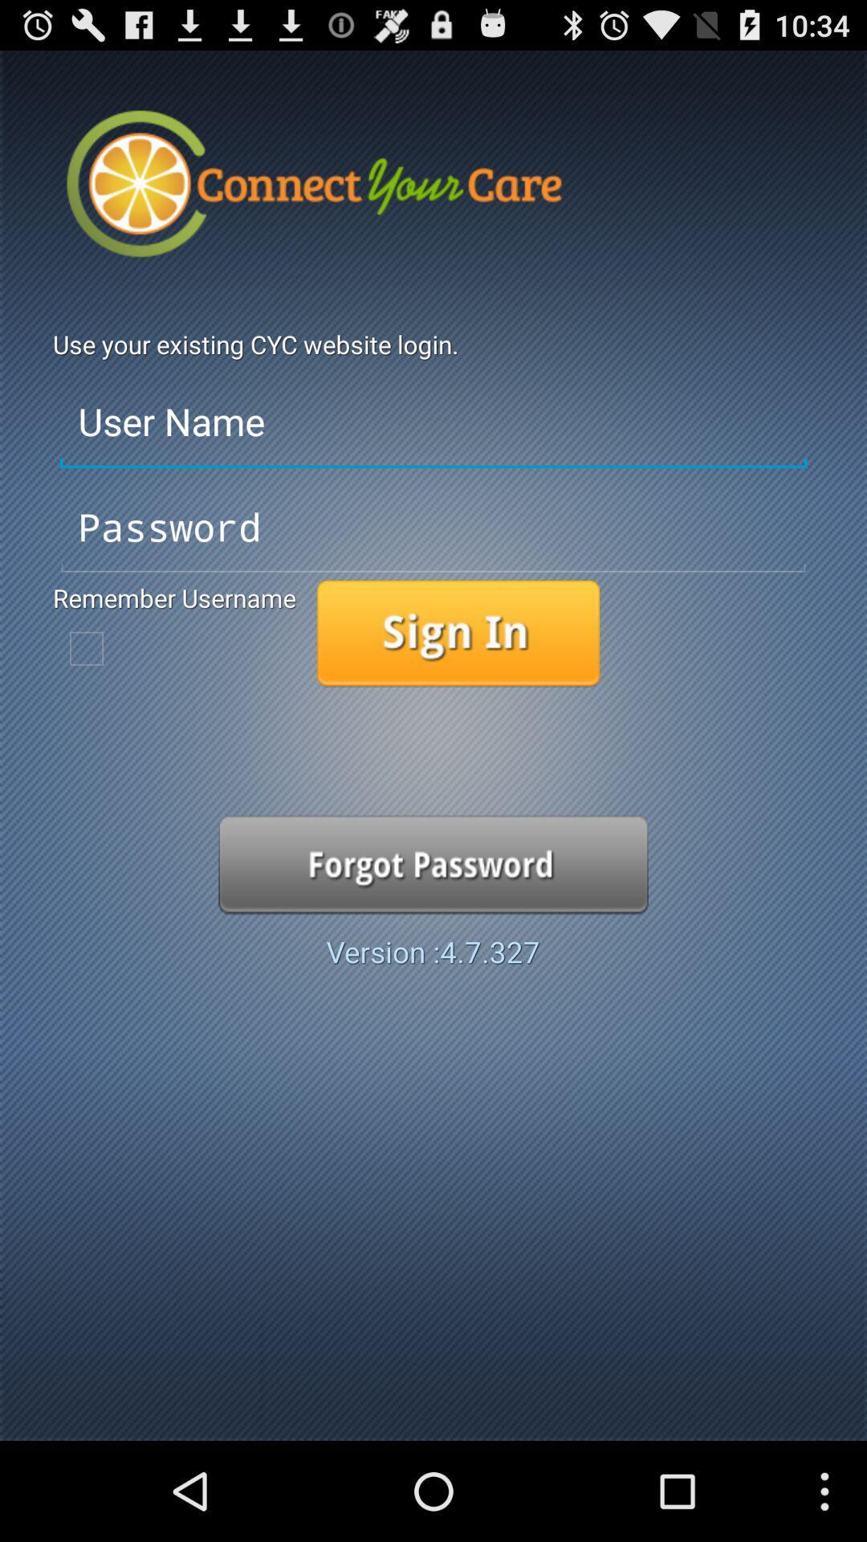  Describe the element at coordinates (433, 422) in the screenshot. I see `user name entry` at that location.